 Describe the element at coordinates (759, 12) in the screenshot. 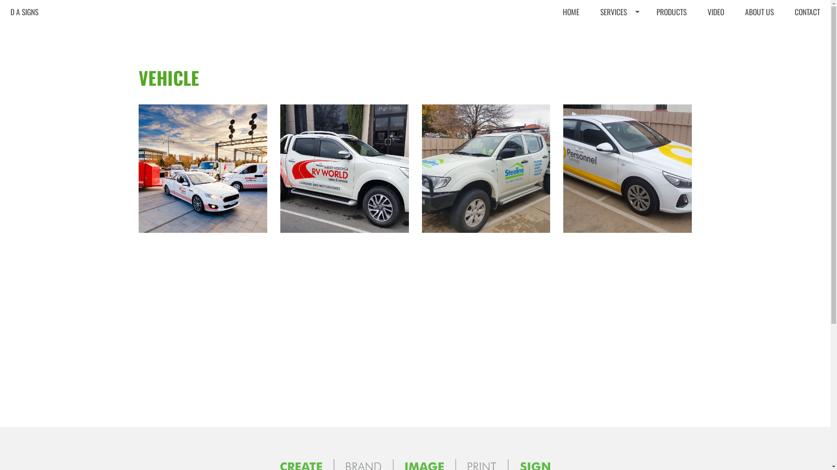

I see `'ABOUT US'` at that location.